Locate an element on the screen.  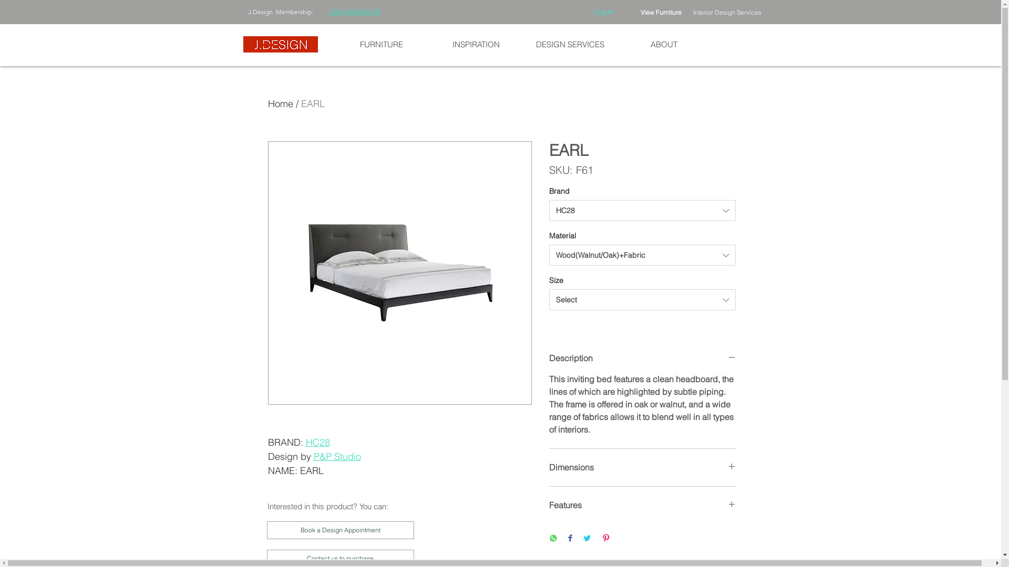
'Select' is located at coordinates (641, 299).